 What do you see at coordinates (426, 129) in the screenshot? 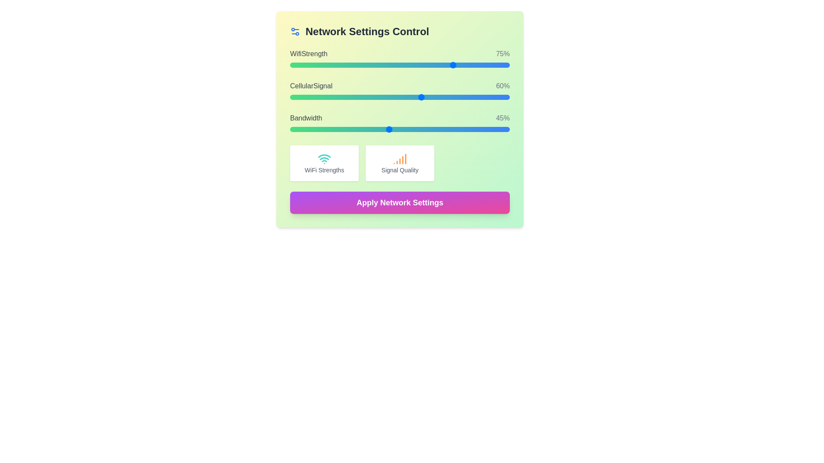
I see `the Bandwidth slider` at bounding box center [426, 129].